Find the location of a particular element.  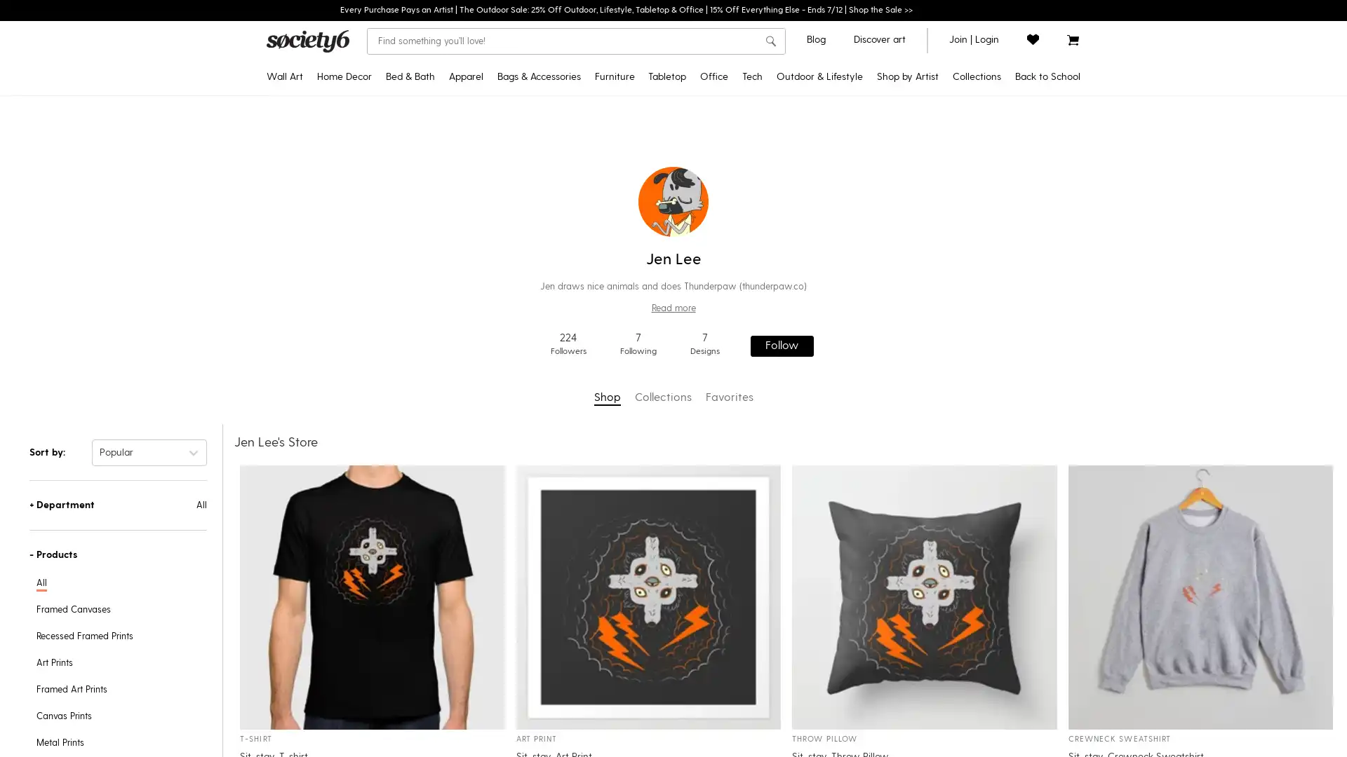

Laptop Stickers is located at coordinates (749, 339).